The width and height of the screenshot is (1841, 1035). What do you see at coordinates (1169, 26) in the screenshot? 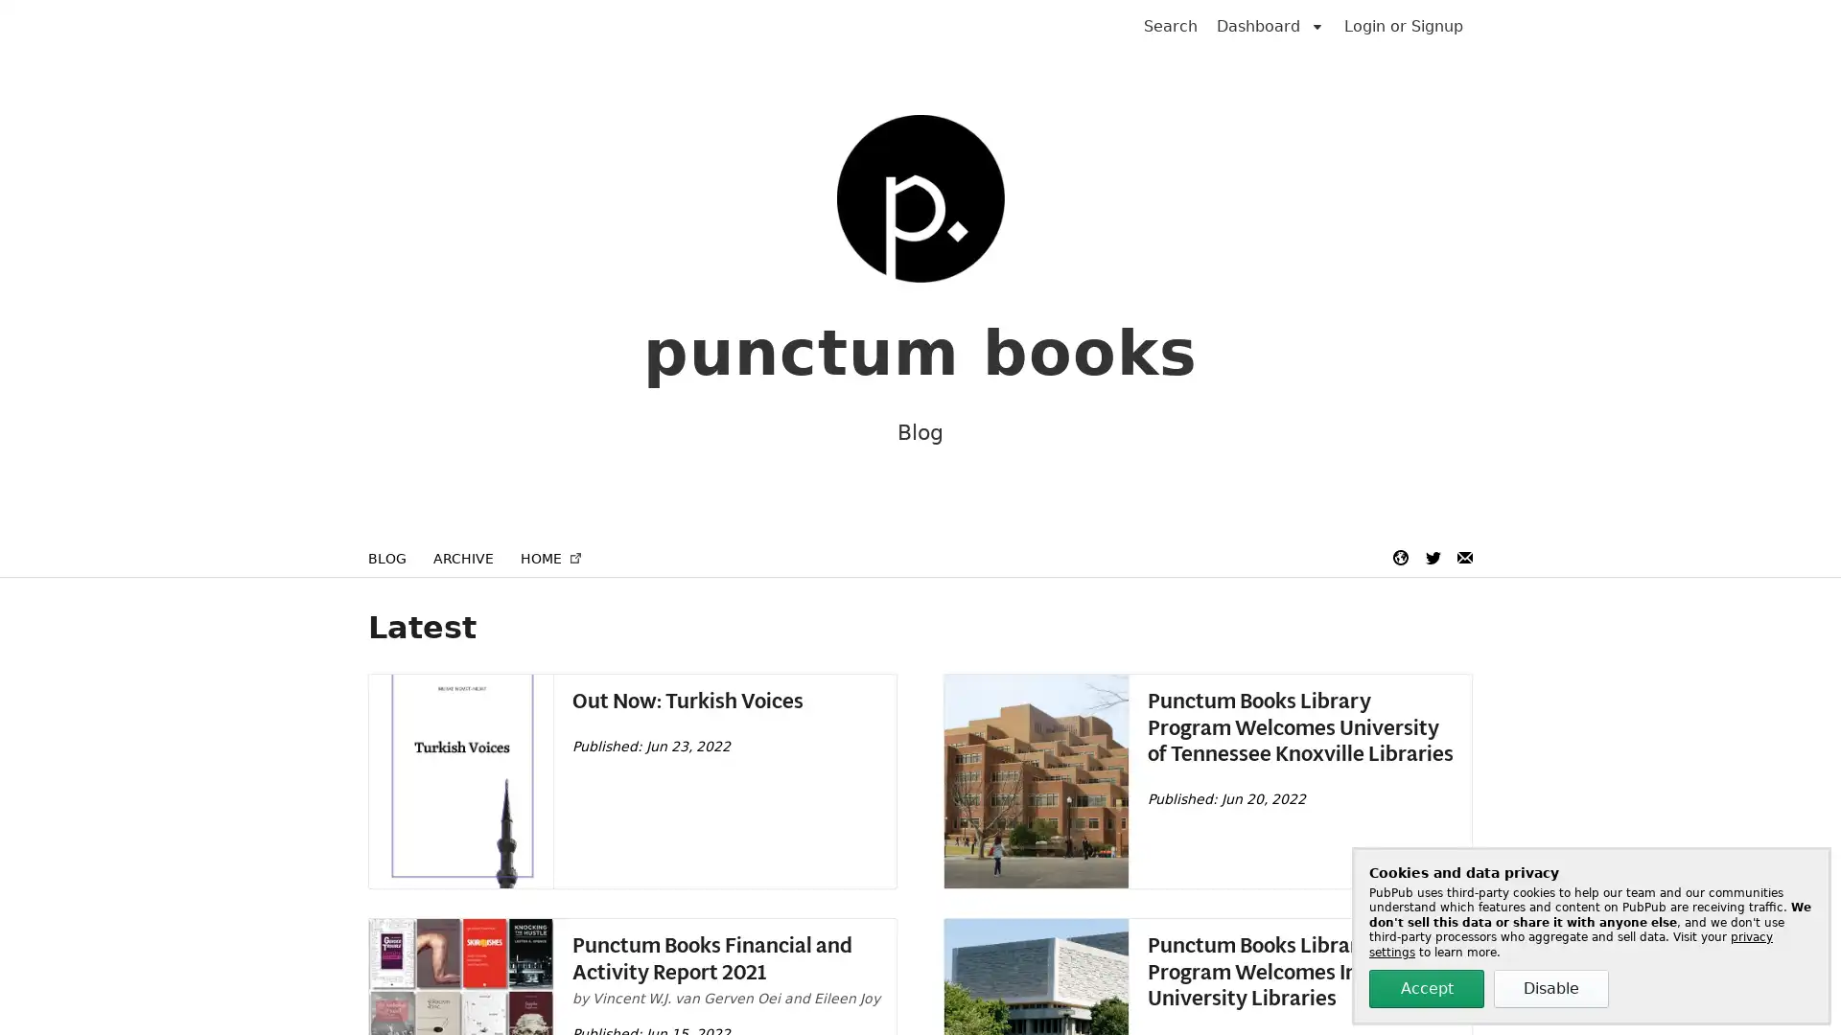
I see `Search` at bounding box center [1169, 26].